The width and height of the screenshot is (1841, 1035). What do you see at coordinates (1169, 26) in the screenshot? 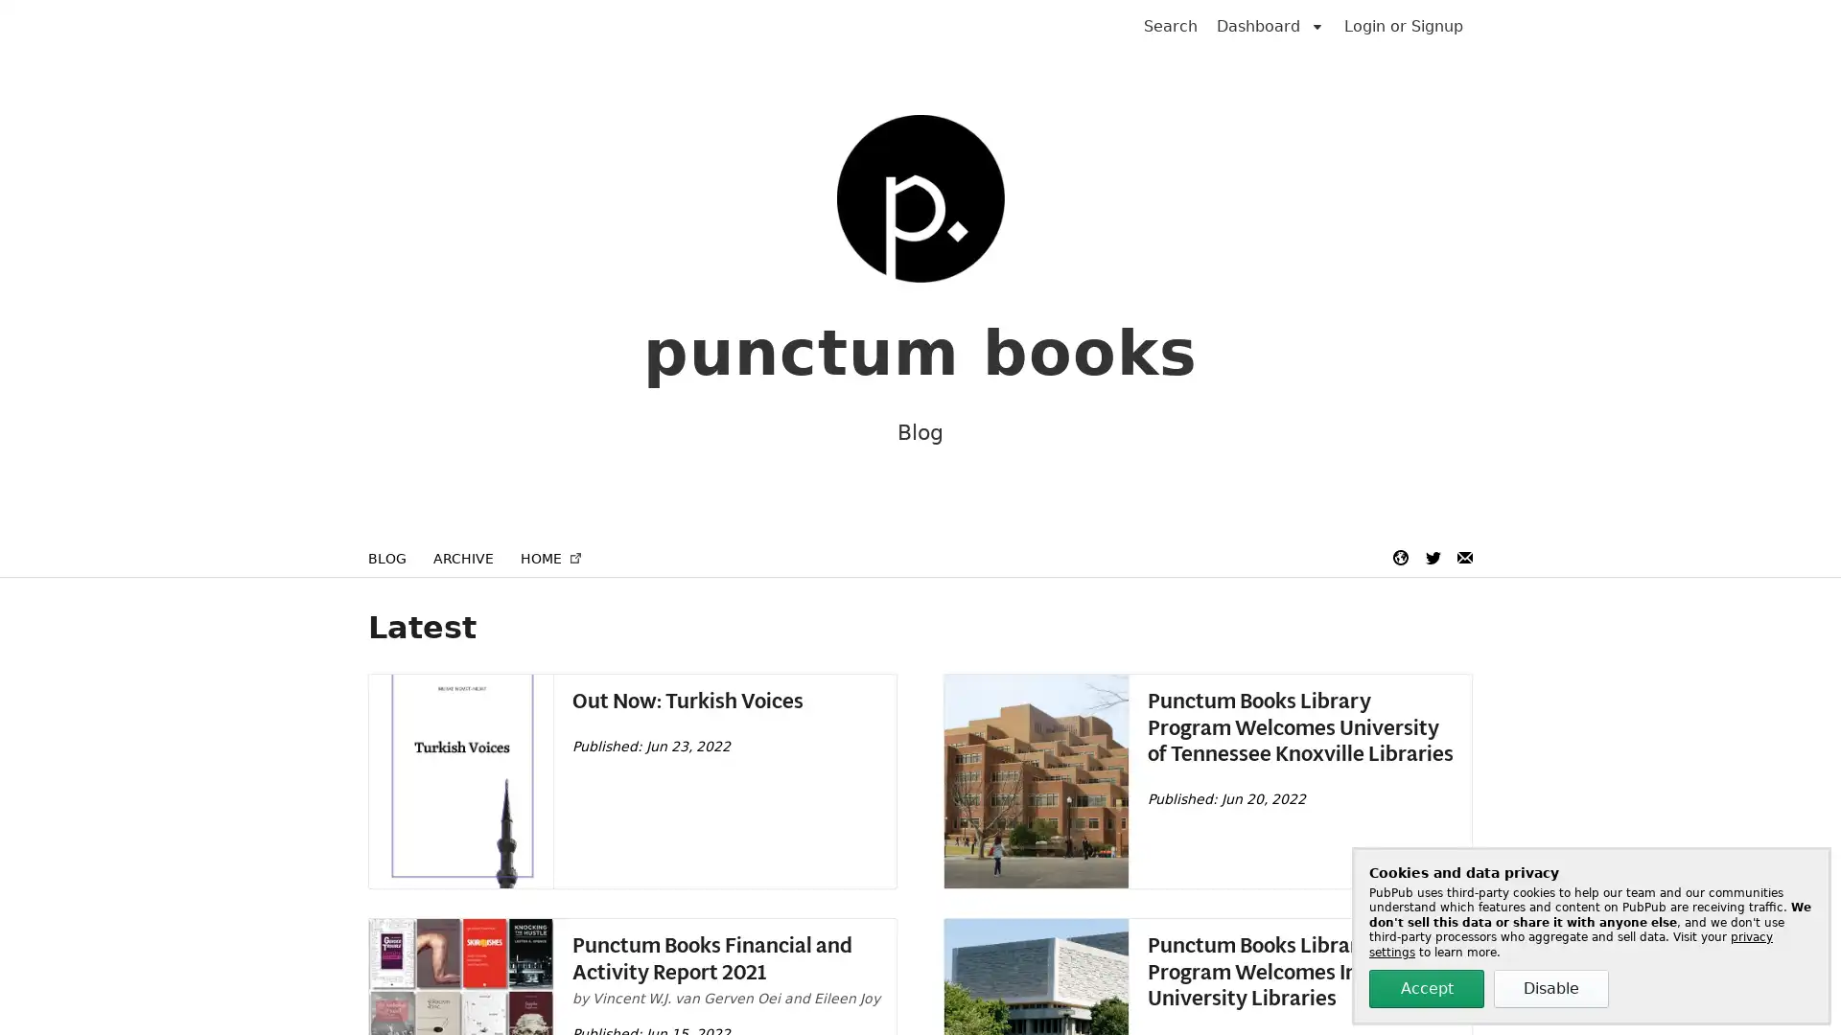
I see `Search` at bounding box center [1169, 26].